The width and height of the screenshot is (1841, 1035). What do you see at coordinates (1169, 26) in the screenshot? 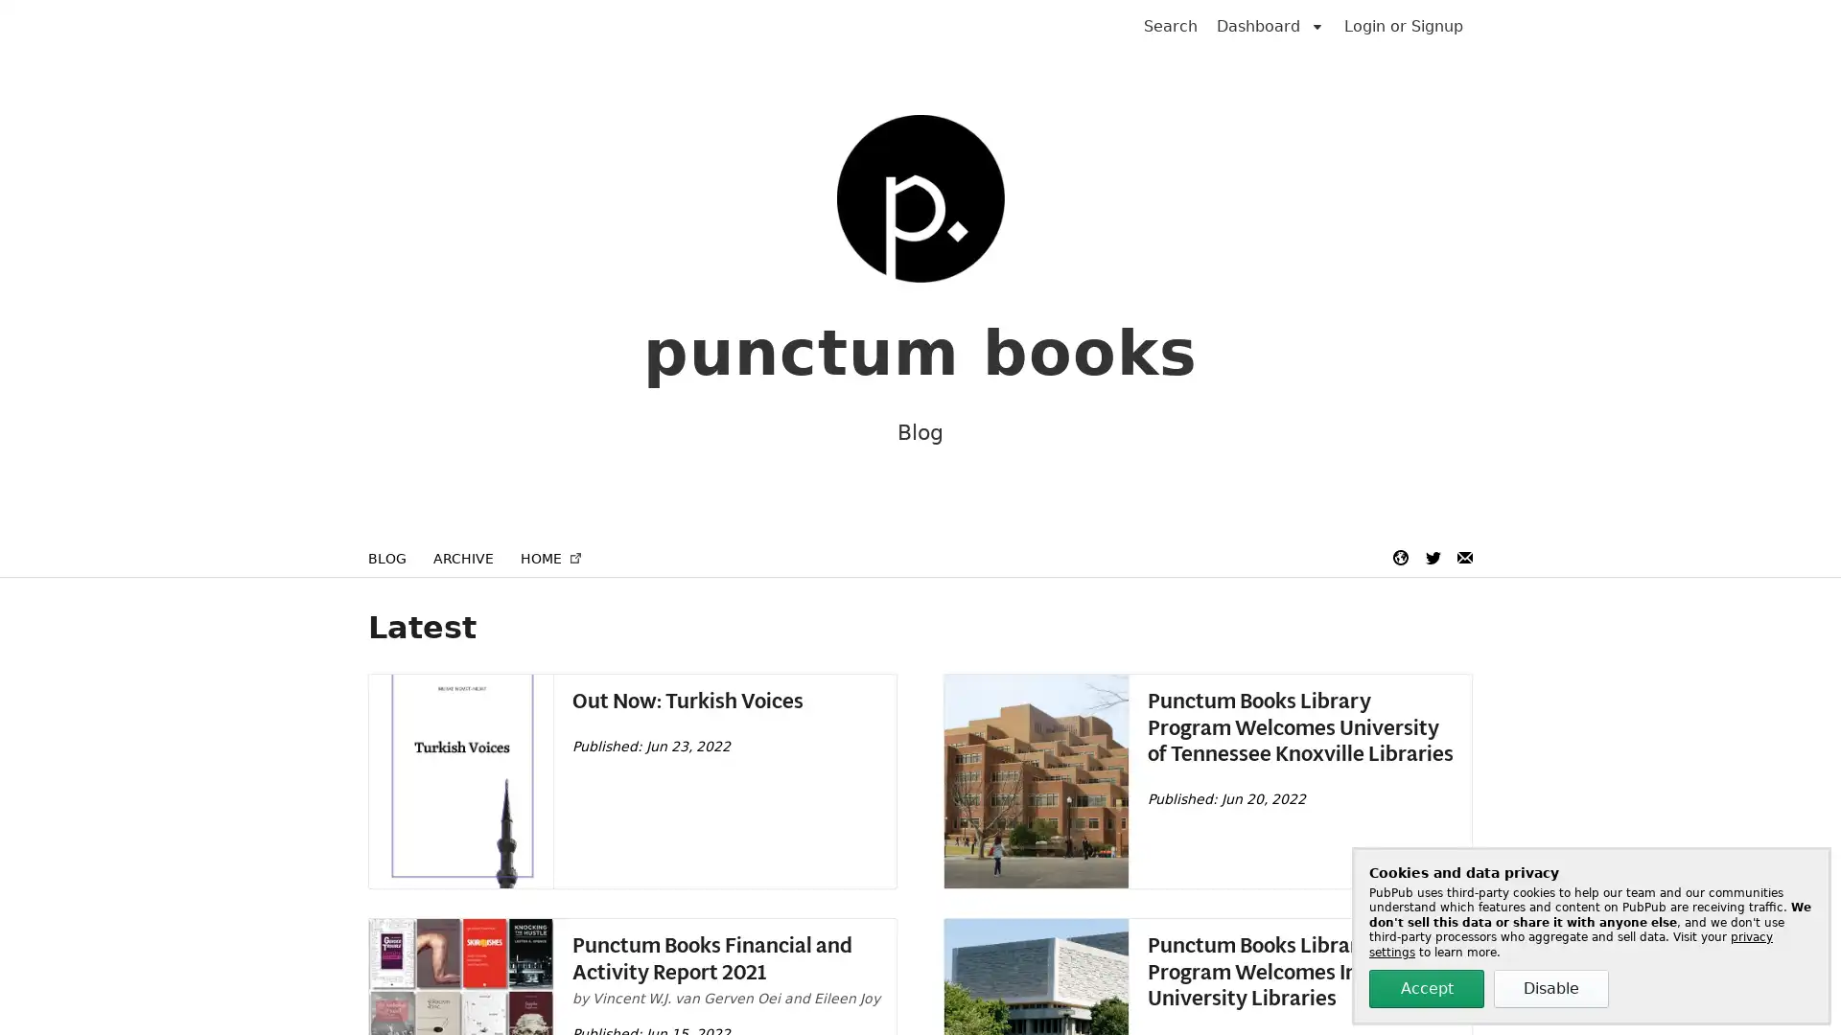
I see `Search` at bounding box center [1169, 26].